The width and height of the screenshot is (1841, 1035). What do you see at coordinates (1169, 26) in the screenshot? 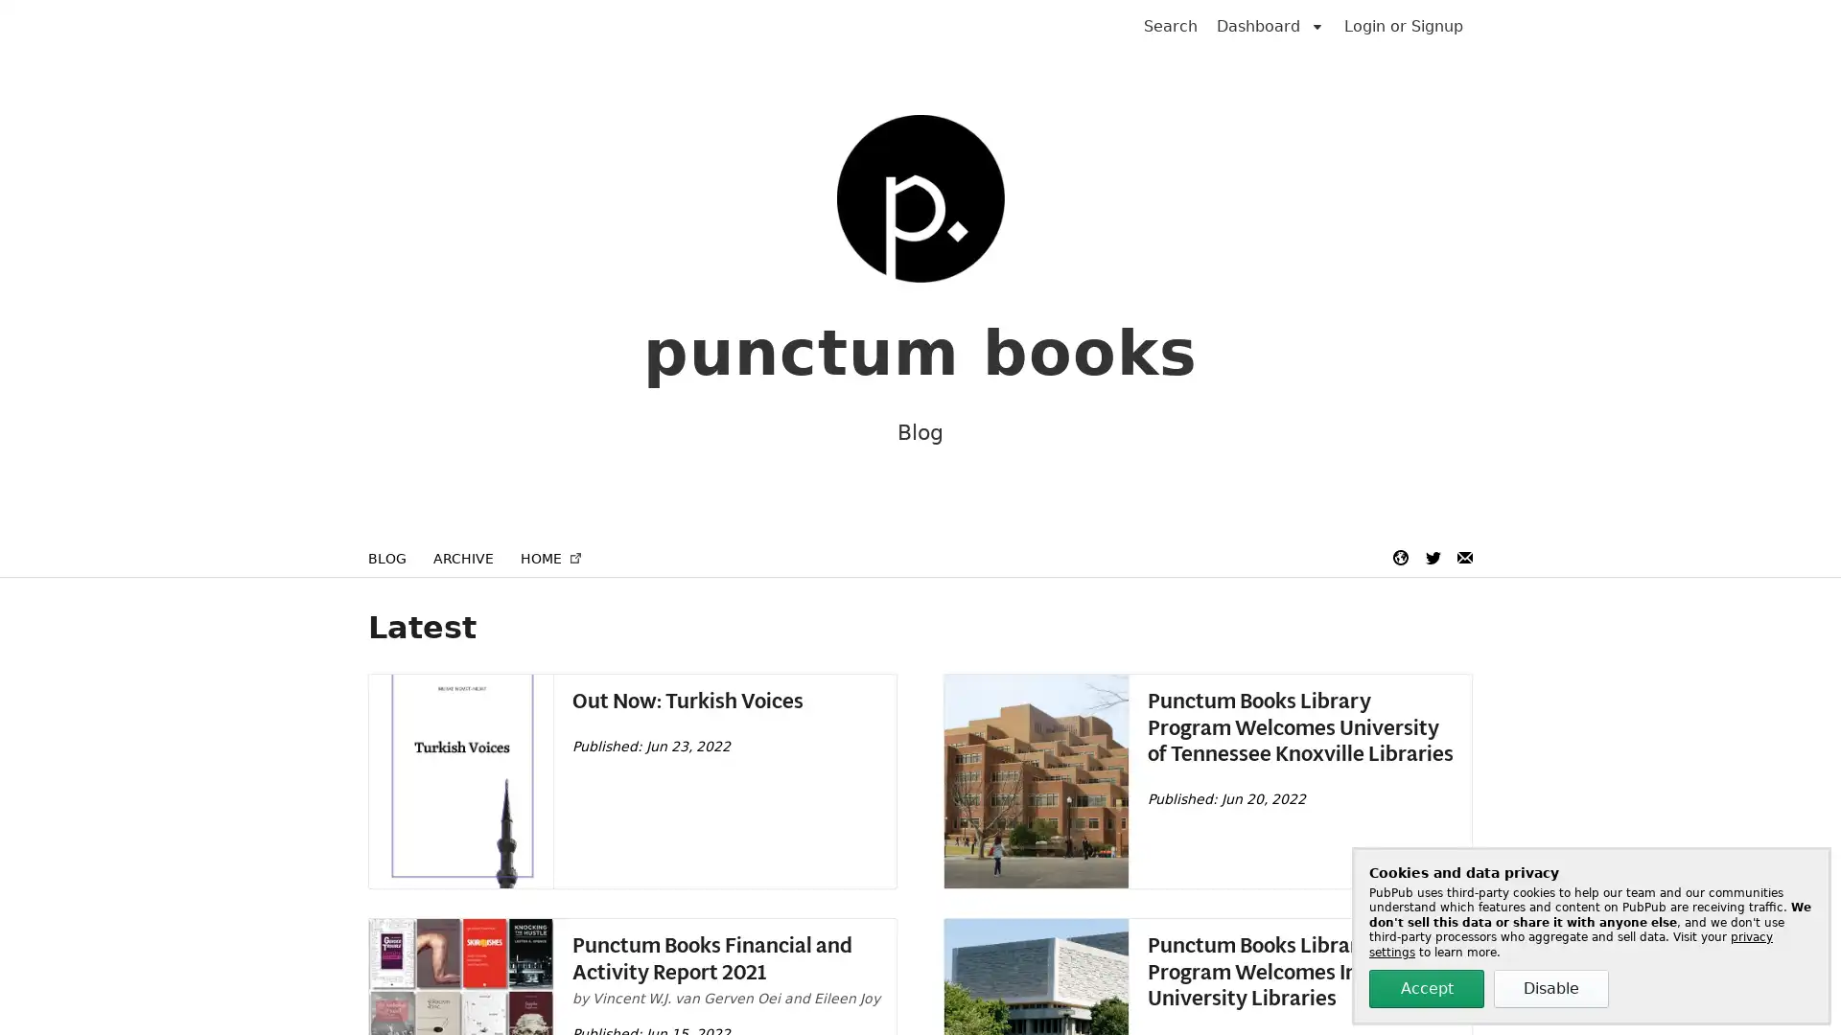
I see `Search` at bounding box center [1169, 26].